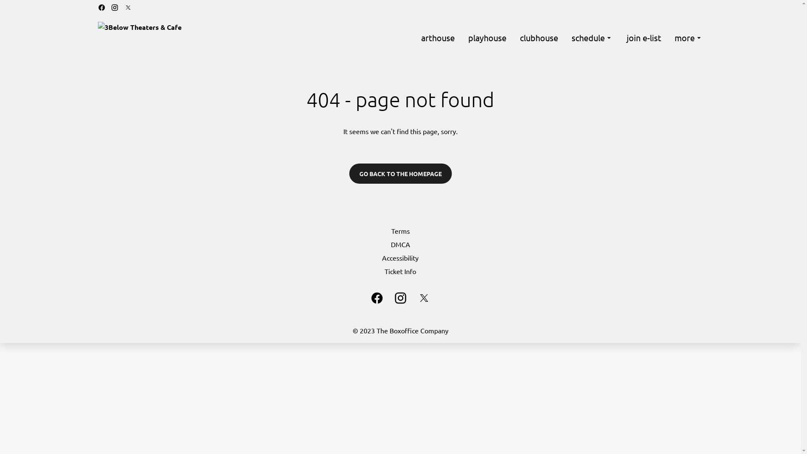 The image size is (807, 454). What do you see at coordinates (399, 244) in the screenshot?
I see `'DMCA'` at bounding box center [399, 244].